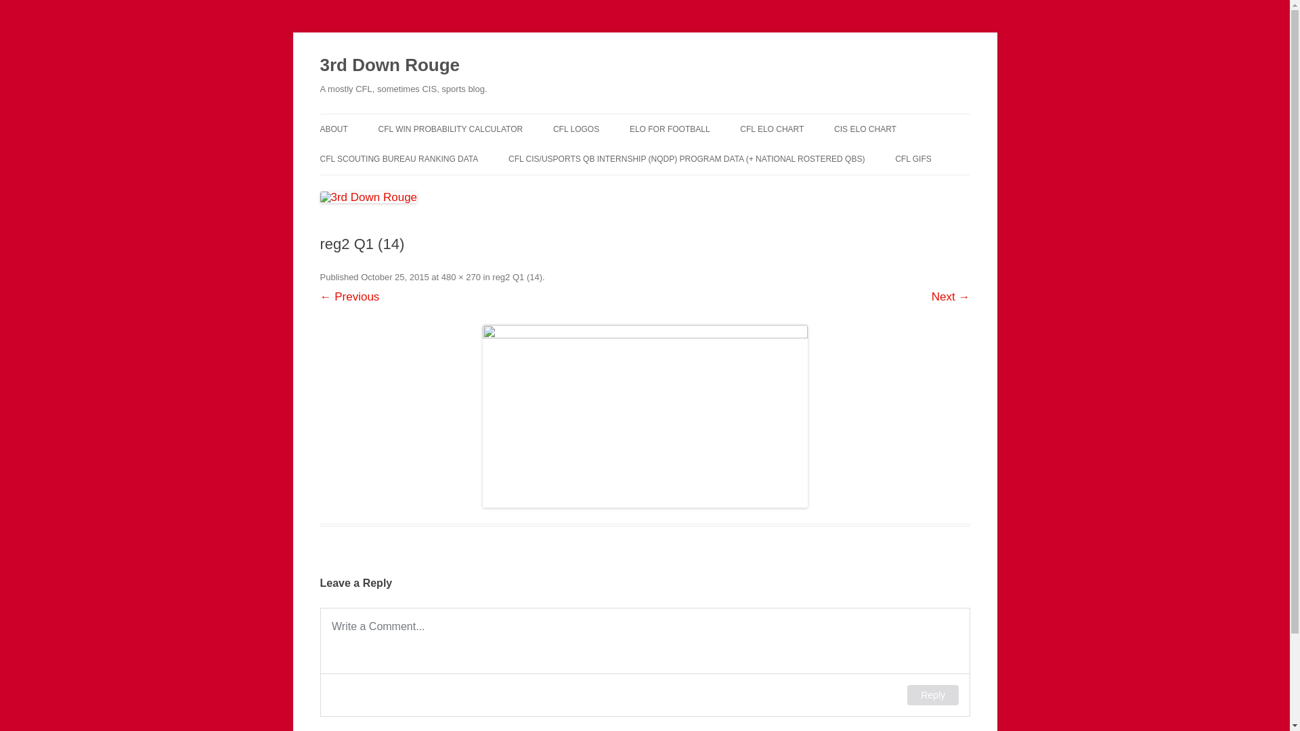  What do you see at coordinates (552, 129) in the screenshot?
I see `'CFL LOGOS'` at bounding box center [552, 129].